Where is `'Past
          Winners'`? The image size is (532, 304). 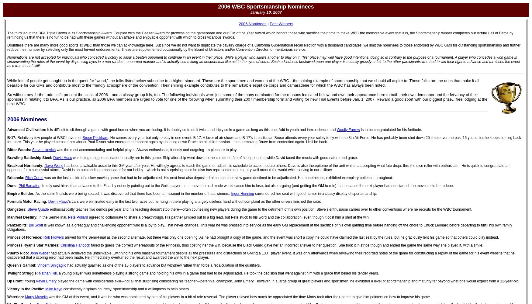
'Past
          Winners' is located at coordinates (281, 23).